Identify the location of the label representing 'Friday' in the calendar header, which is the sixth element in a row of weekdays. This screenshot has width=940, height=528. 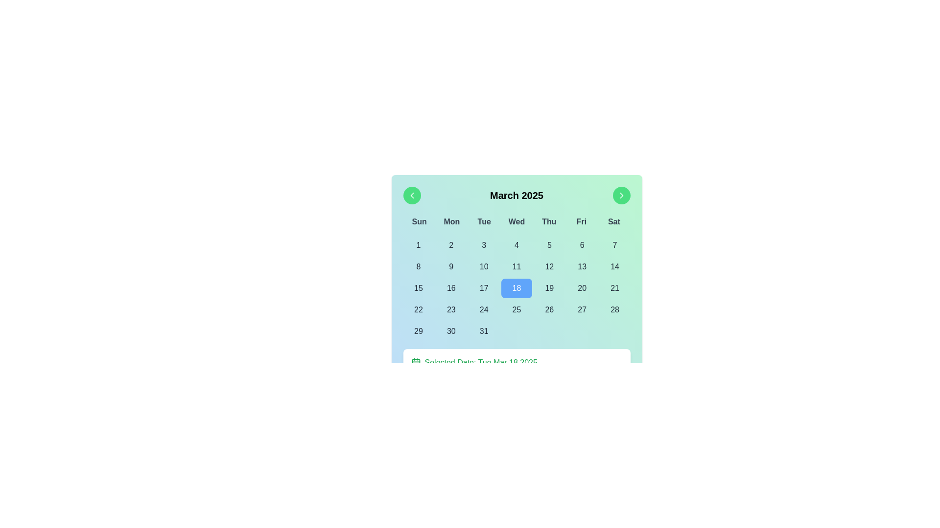
(582, 222).